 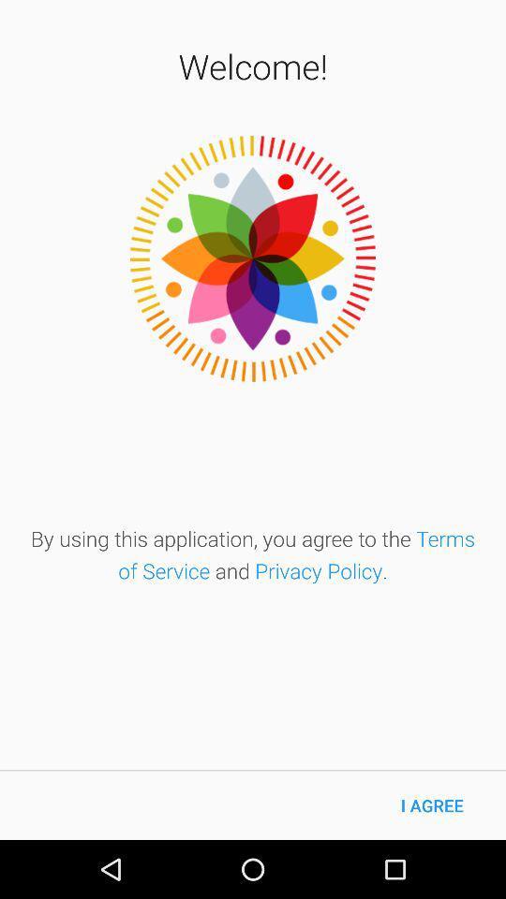 I want to click on the by using this, so click(x=253, y=554).